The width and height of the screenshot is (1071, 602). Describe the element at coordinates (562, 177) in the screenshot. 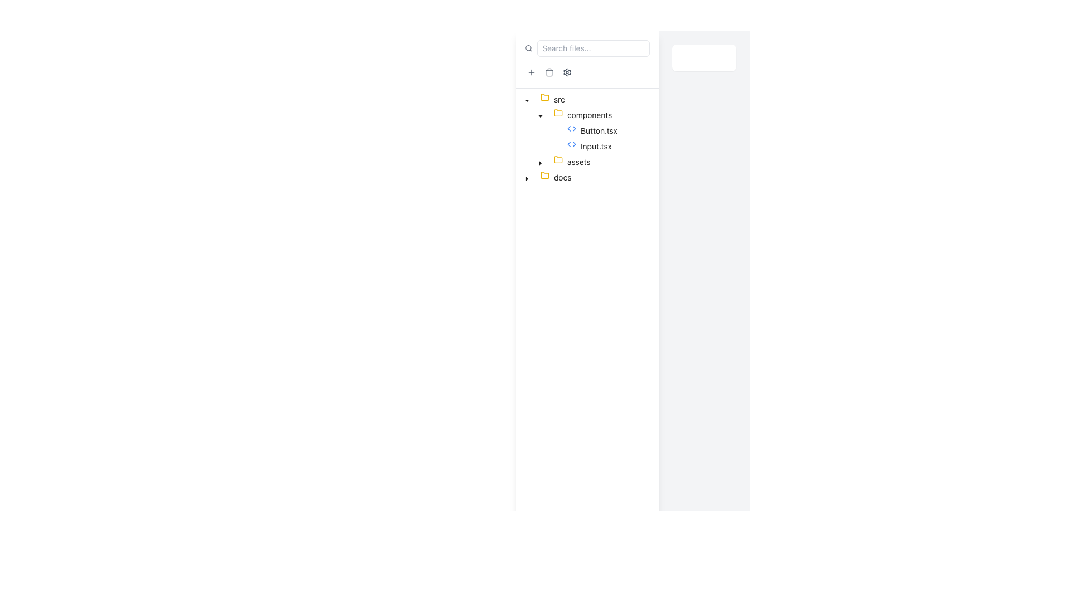

I see `the displayed text of the Text Label representing the name of a folder within the hierarchical file tree under the 'assets' branch node` at that location.